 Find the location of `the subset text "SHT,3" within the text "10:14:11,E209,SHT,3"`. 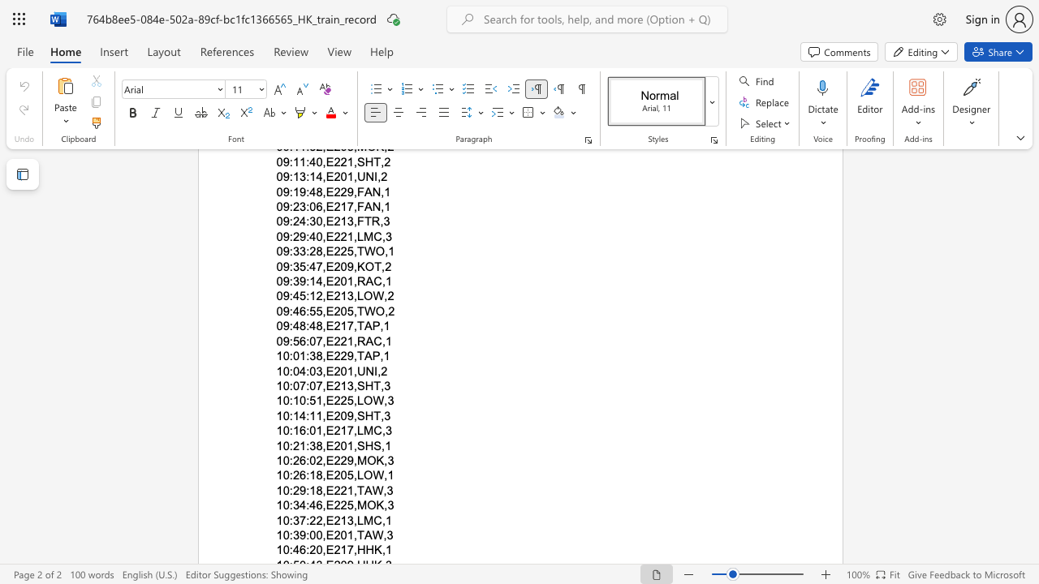

the subset text "SHT,3" within the text "10:14:11,E209,SHT,3" is located at coordinates (356, 414).